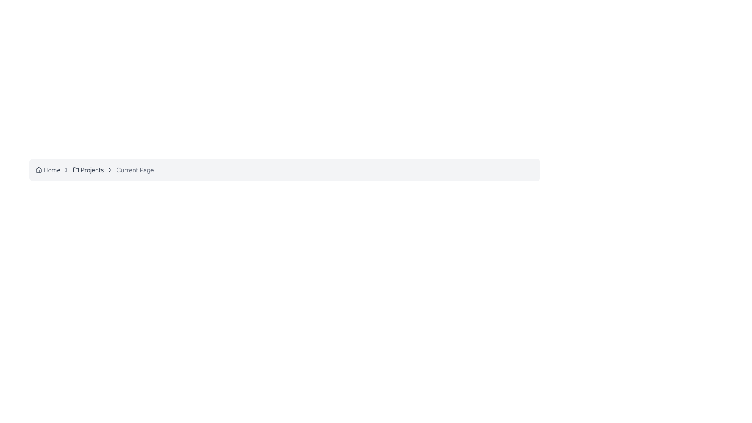 Image resolution: width=752 pixels, height=423 pixels. I want to click on the non-interactive text label displaying 'Current Page' in the breadcrumb navigation bar, so click(135, 170).